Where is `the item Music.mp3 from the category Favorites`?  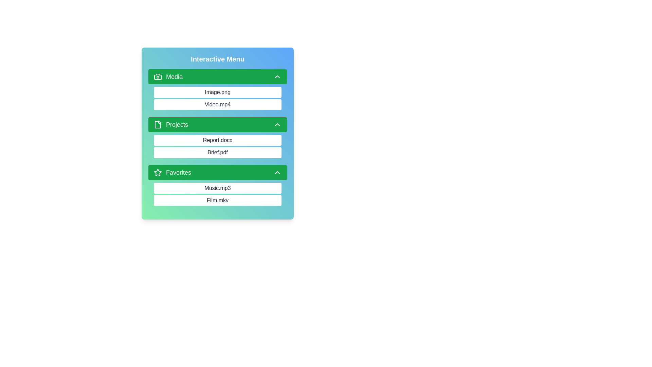
the item Music.mp3 from the category Favorites is located at coordinates (153, 188).